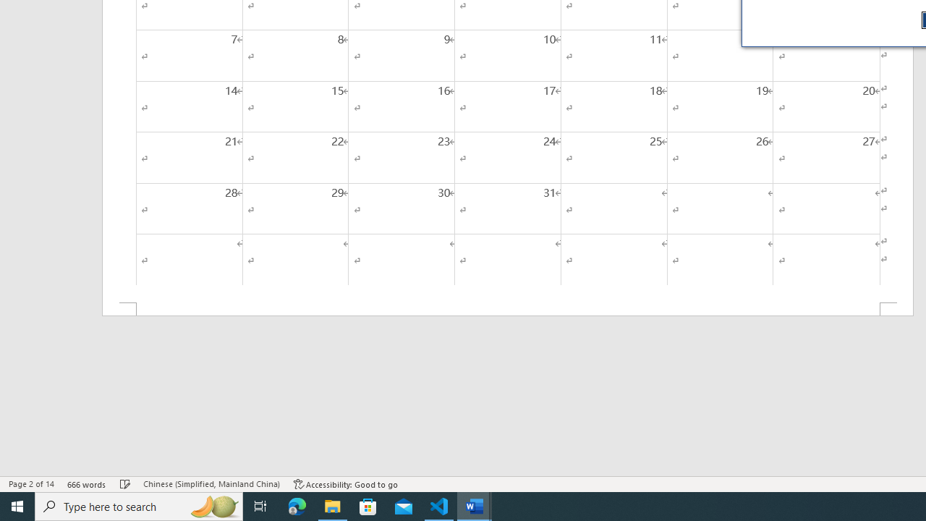 The height and width of the screenshot is (521, 926). What do you see at coordinates (31, 484) in the screenshot?
I see `'Page Number Page 2 of 14'` at bounding box center [31, 484].